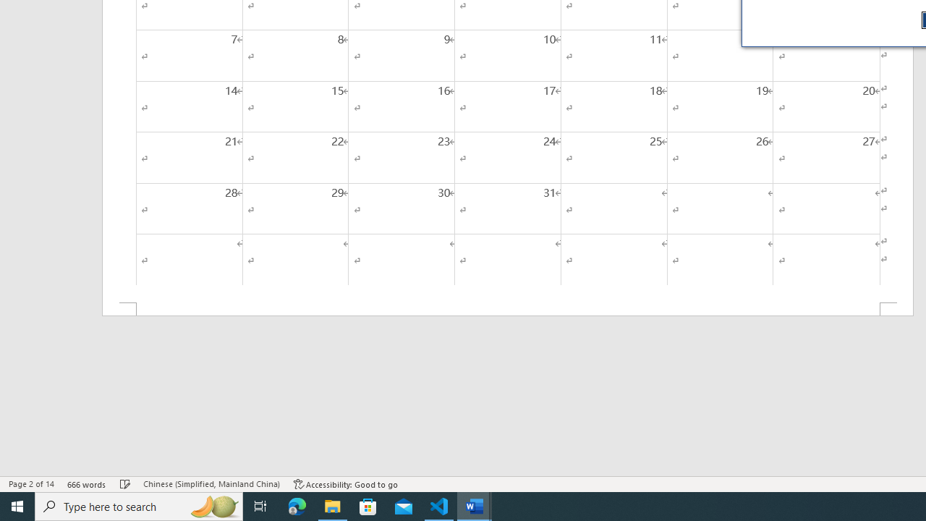 The height and width of the screenshot is (521, 926). What do you see at coordinates (31, 484) in the screenshot?
I see `'Page Number Page 2 of 14'` at bounding box center [31, 484].